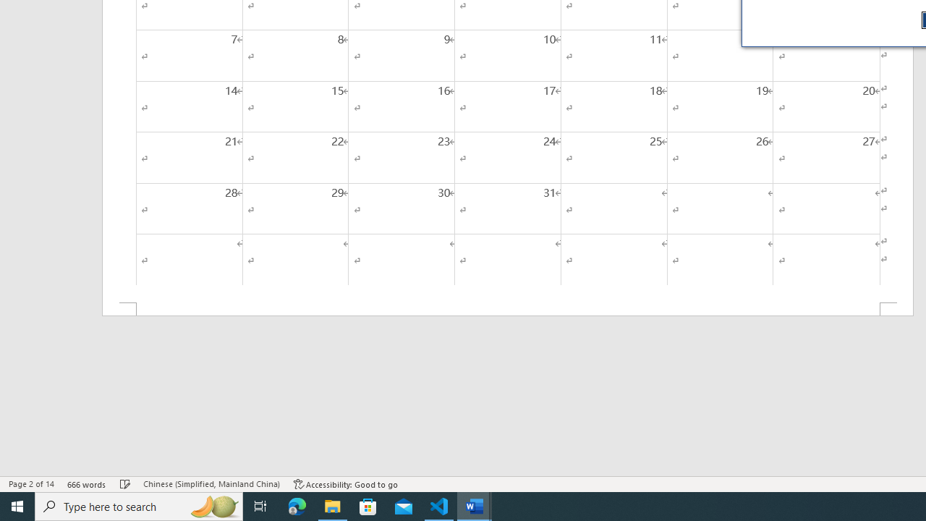 The height and width of the screenshot is (521, 926). What do you see at coordinates (31, 484) in the screenshot?
I see `'Page Number Page 2 of 14'` at bounding box center [31, 484].